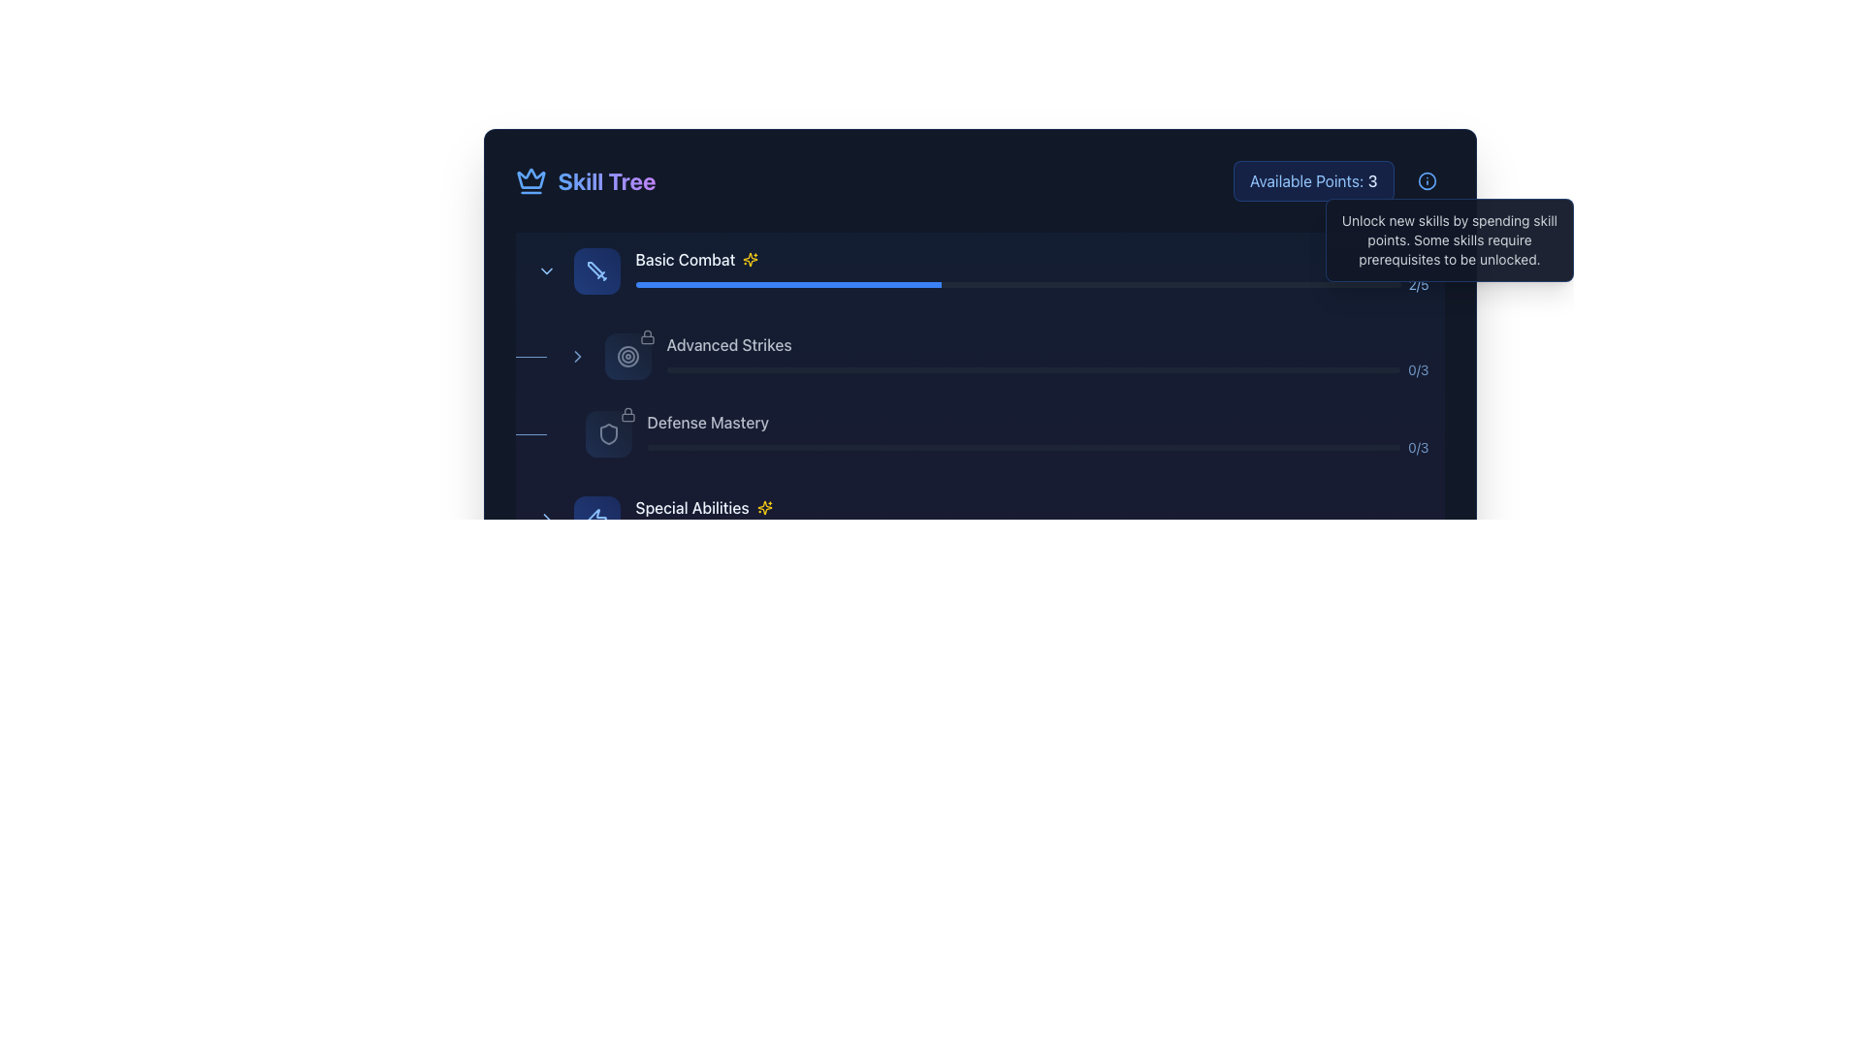 The image size is (1862, 1047). What do you see at coordinates (1017, 284) in the screenshot?
I see `the progress bar indicating 40% progress located under the 'Basic Combat' skill title` at bounding box center [1017, 284].